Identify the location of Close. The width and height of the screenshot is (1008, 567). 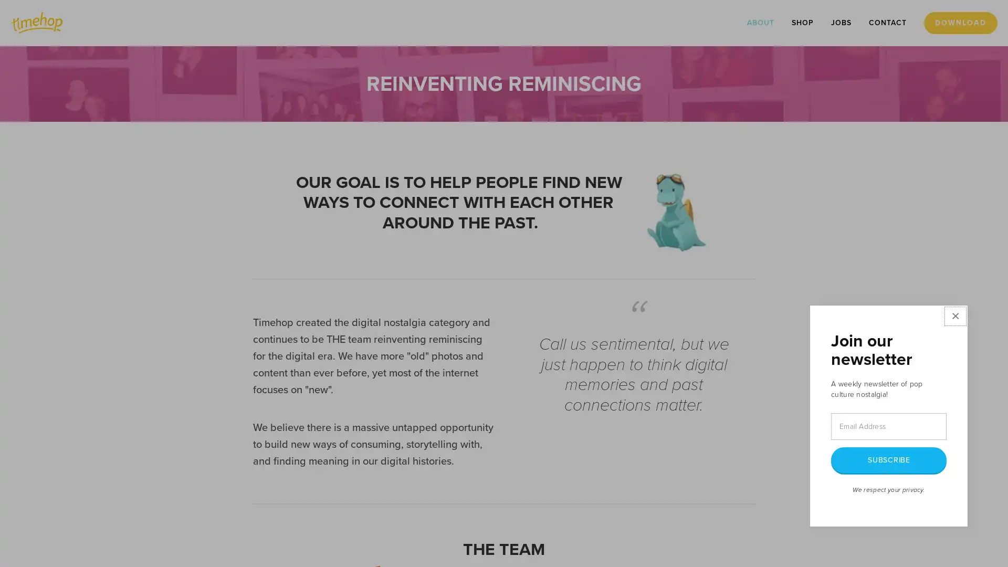
(955, 315).